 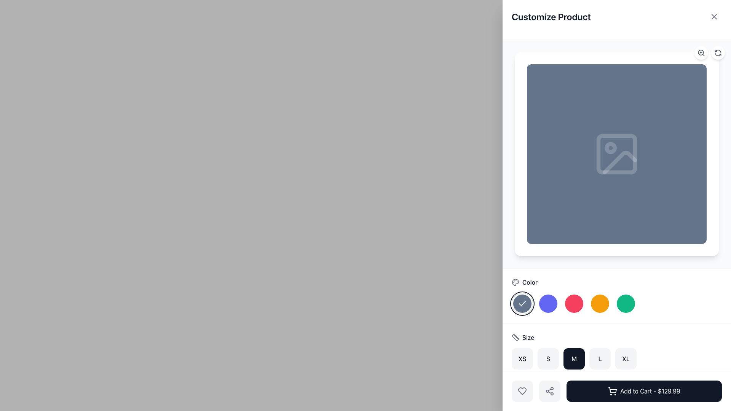 What do you see at coordinates (714, 16) in the screenshot?
I see `the close icon button represented by an 'X' mark in the top right corner of the interface` at bounding box center [714, 16].